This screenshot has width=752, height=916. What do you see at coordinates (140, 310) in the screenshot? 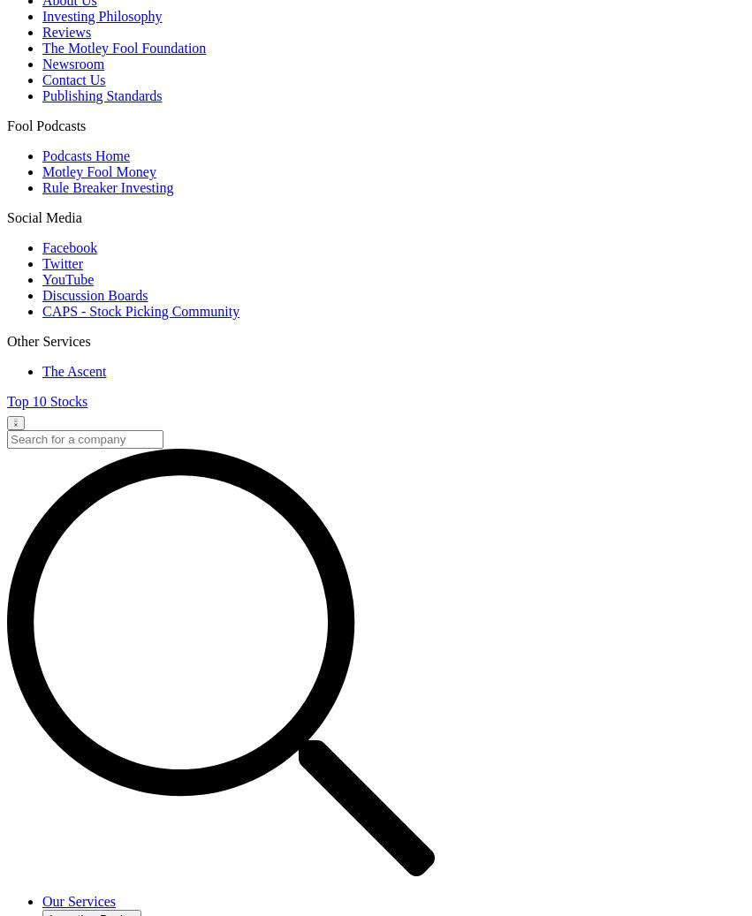
I see `'CAPS - Stock Picking Community'` at bounding box center [140, 310].